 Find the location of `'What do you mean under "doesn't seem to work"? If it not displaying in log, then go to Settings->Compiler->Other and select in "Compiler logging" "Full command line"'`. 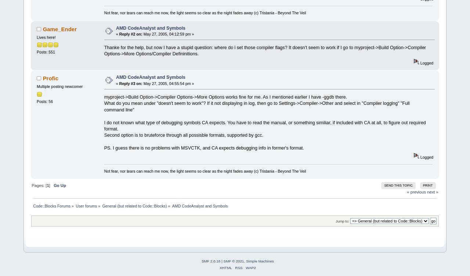

'What do you mean under "doesn't seem to work"? If it not displaying in log, then go to Settings->Compiler->Other and select in "Compiler logging" "Full command line"' is located at coordinates (104, 106).